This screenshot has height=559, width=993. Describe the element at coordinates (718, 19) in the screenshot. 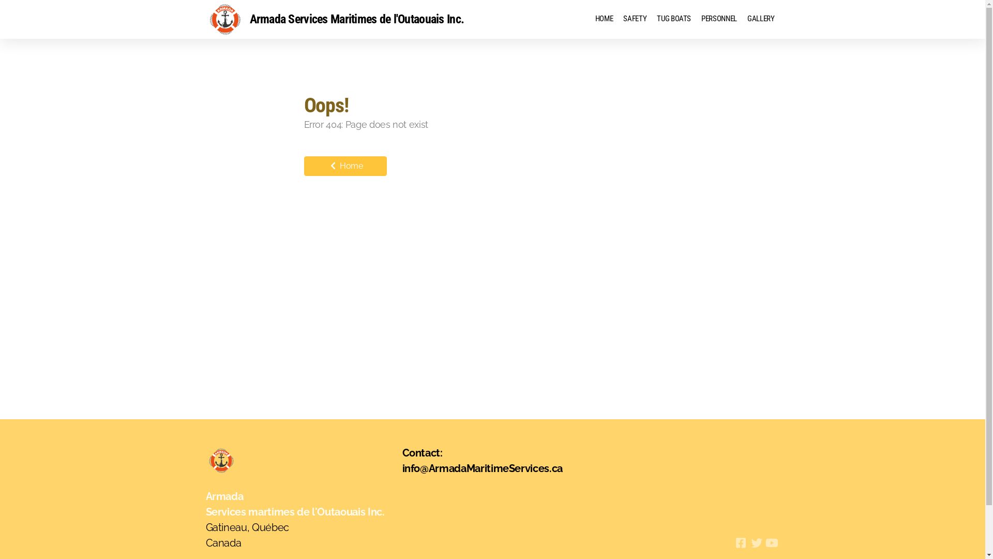

I see `'PERSONNEL'` at that location.